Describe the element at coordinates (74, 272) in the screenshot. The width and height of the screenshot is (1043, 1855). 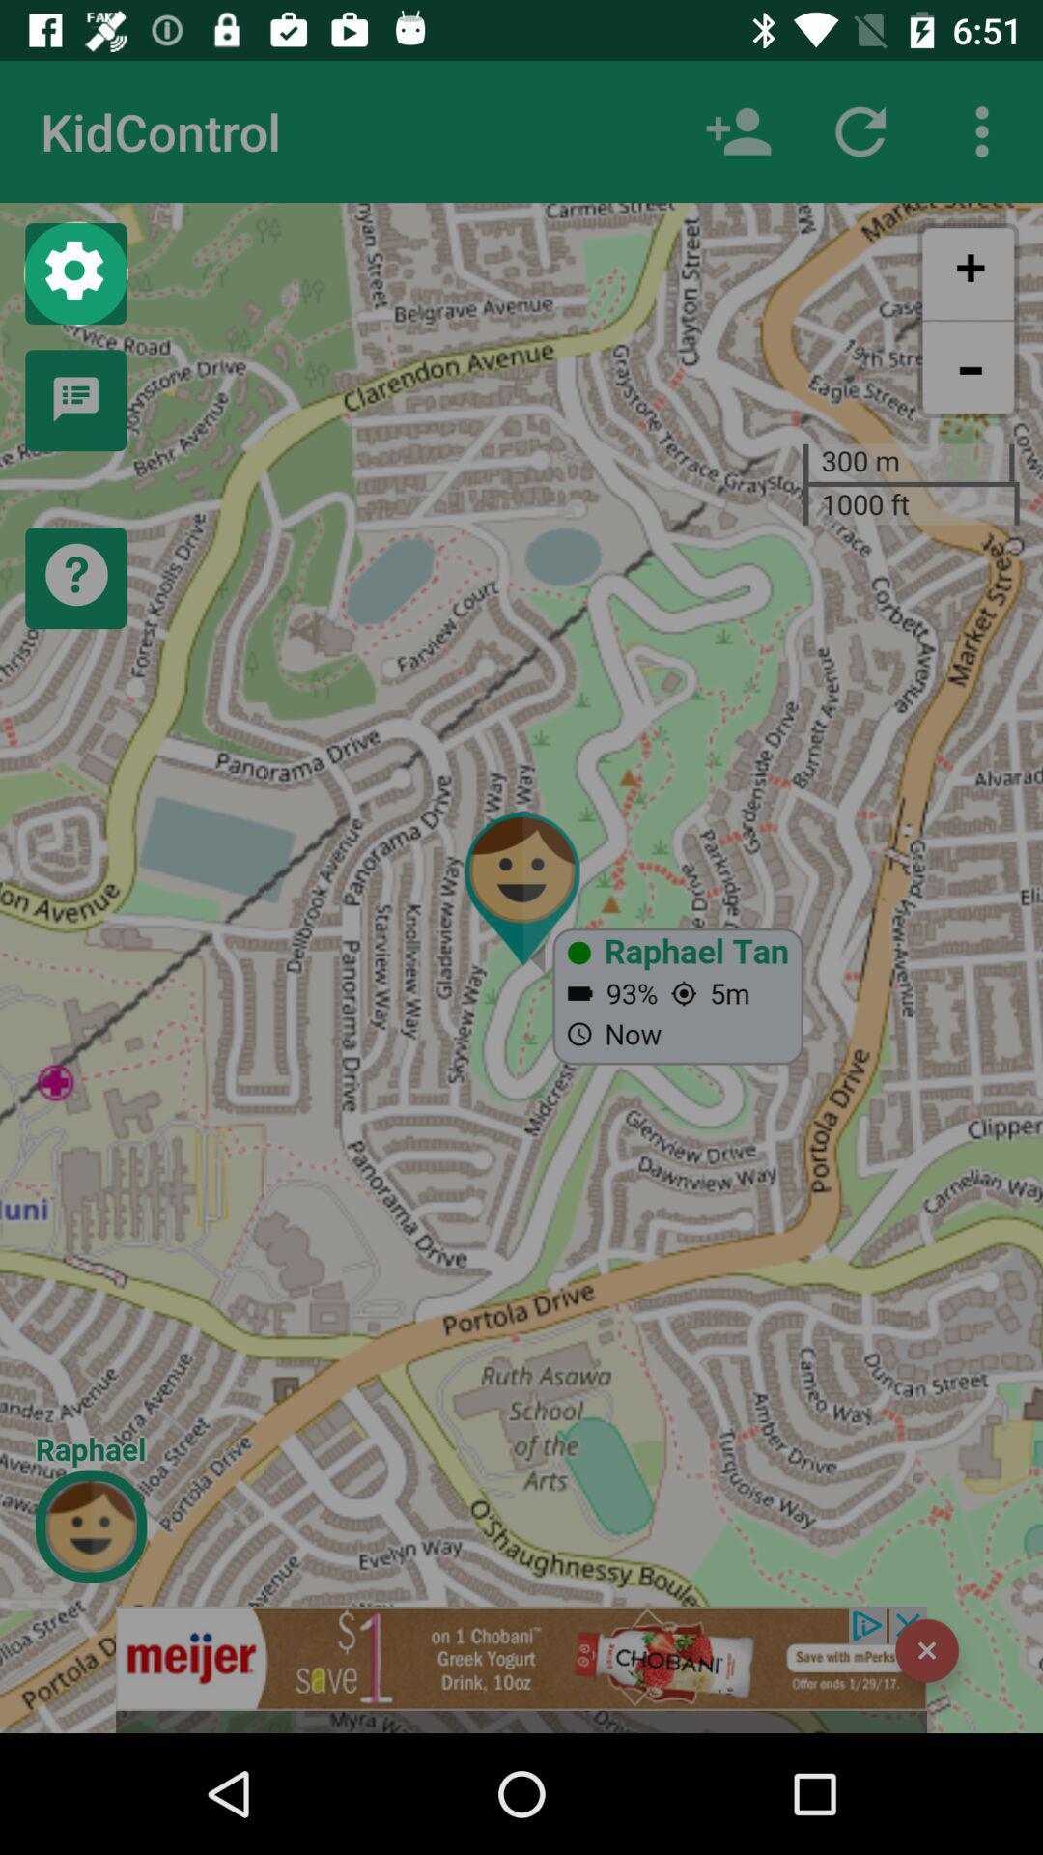
I see `the settings icon` at that location.